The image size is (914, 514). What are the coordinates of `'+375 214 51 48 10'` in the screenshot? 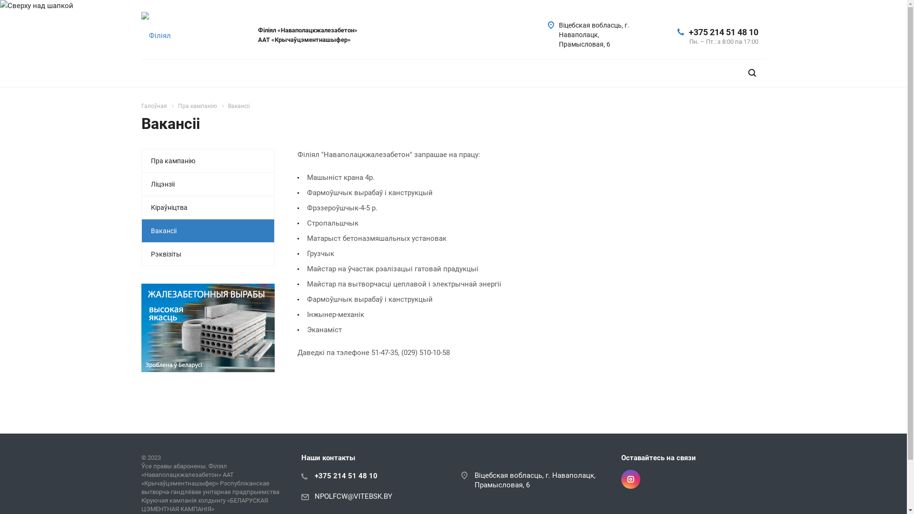 It's located at (723, 31).